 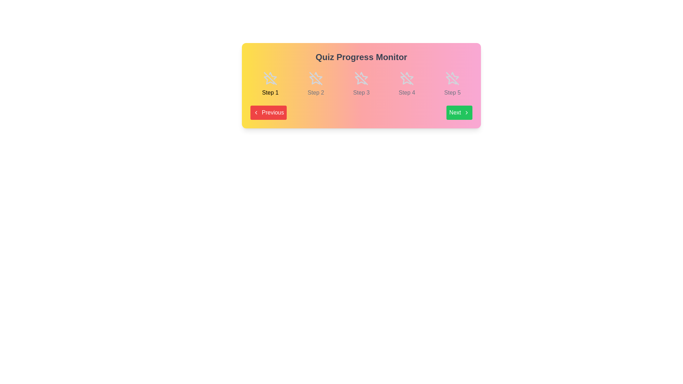 What do you see at coordinates (269, 80) in the screenshot?
I see `the first star-shaped icon in the header area of the 'Quiz Progress Monitor' for visual cues related to the multi-step progress tracking` at bounding box center [269, 80].